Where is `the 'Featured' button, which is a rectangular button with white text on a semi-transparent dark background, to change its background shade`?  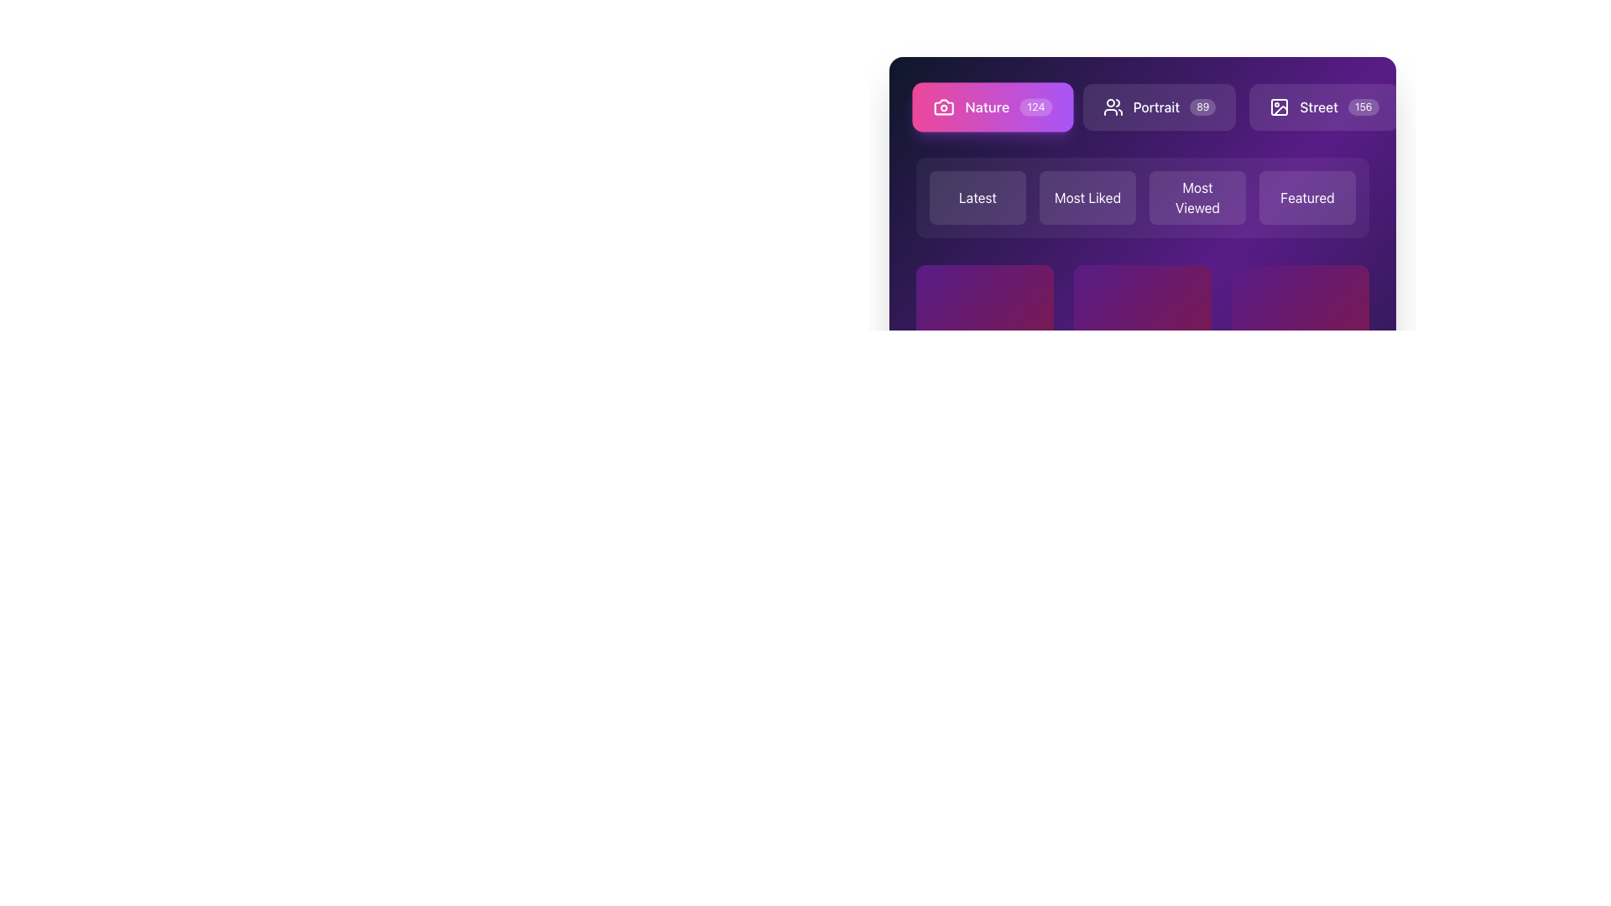 the 'Featured' button, which is a rectangular button with white text on a semi-transparent dark background, to change its background shade is located at coordinates (1306, 196).